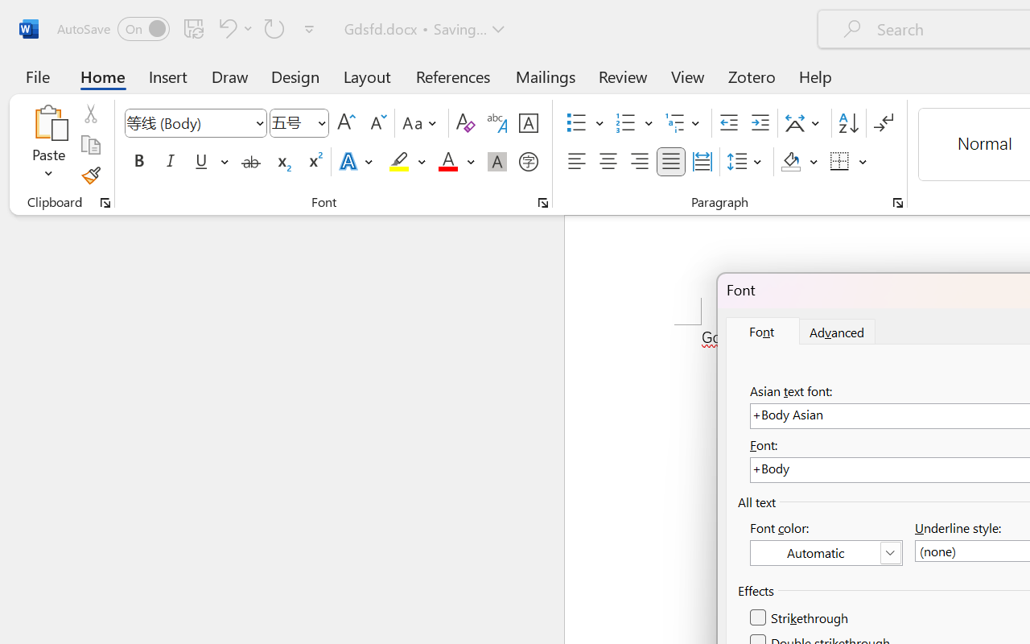 The height and width of the screenshot is (644, 1030). Describe the element at coordinates (671, 162) in the screenshot. I see `'Justify'` at that location.